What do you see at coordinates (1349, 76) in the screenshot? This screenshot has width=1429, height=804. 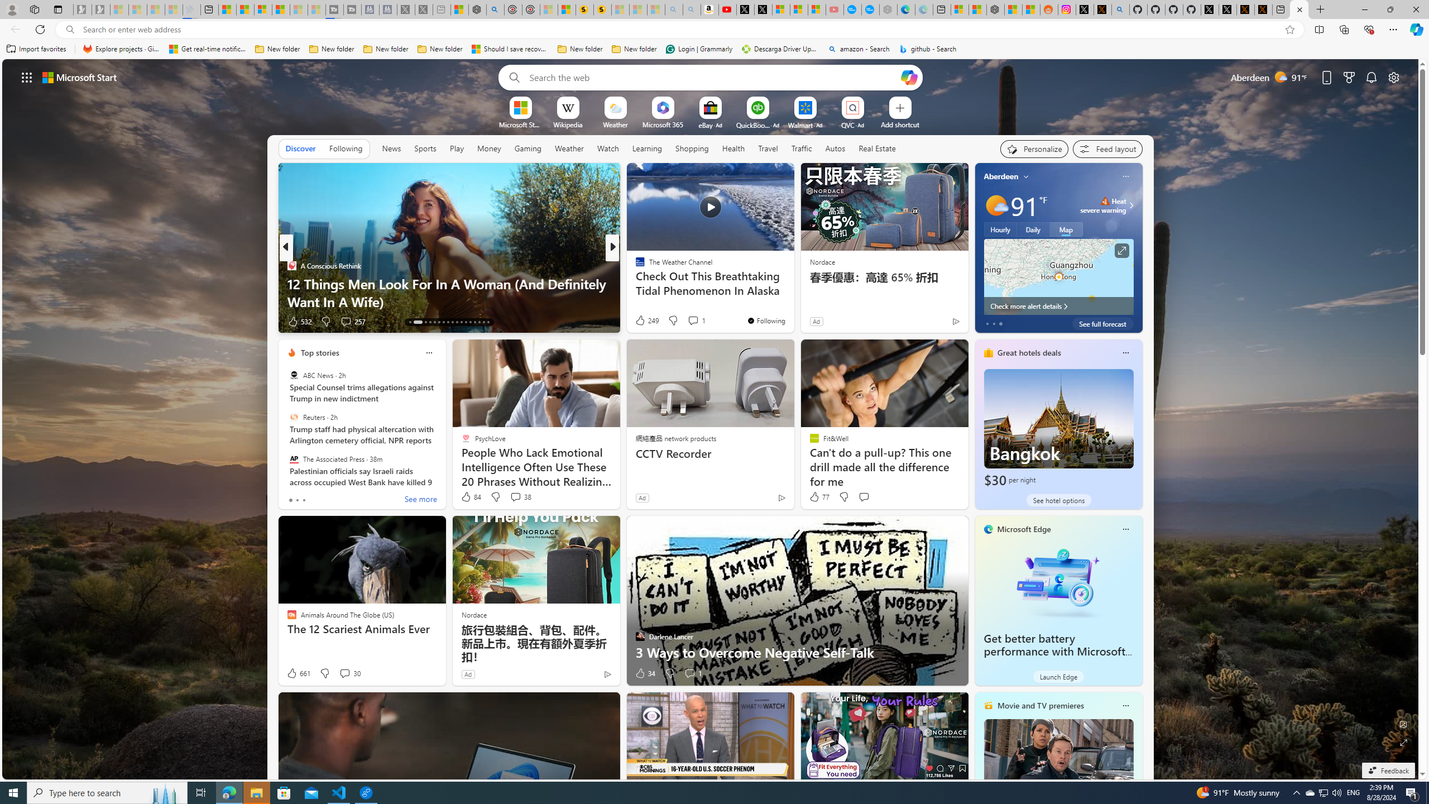 I see `'Microsoft rewards'` at bounding box center [1349, 76].